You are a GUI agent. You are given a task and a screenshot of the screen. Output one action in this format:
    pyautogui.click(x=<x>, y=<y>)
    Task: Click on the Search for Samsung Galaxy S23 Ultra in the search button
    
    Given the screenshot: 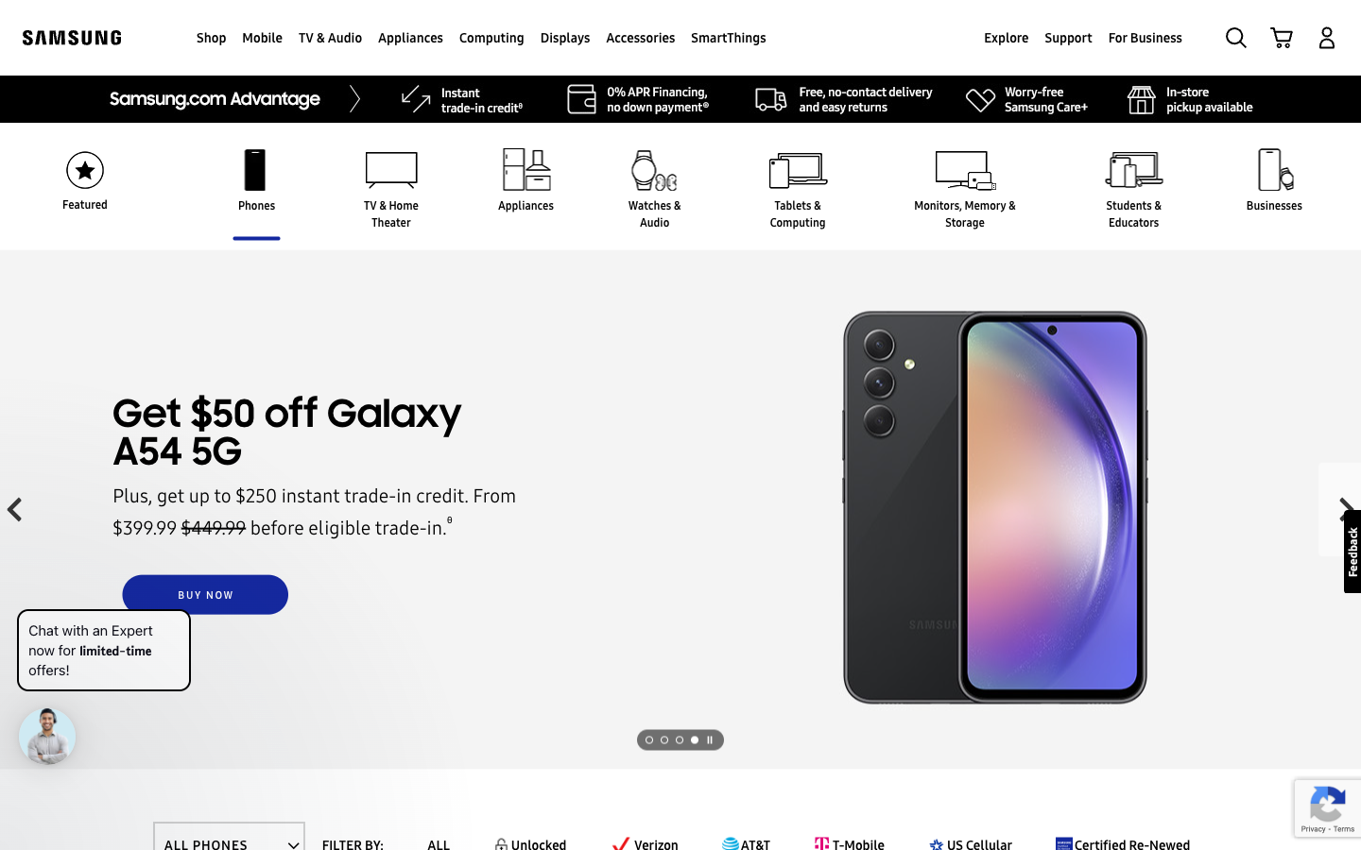 What is the action you would take?
    pyautogui.click(x=1235, y=36)
    